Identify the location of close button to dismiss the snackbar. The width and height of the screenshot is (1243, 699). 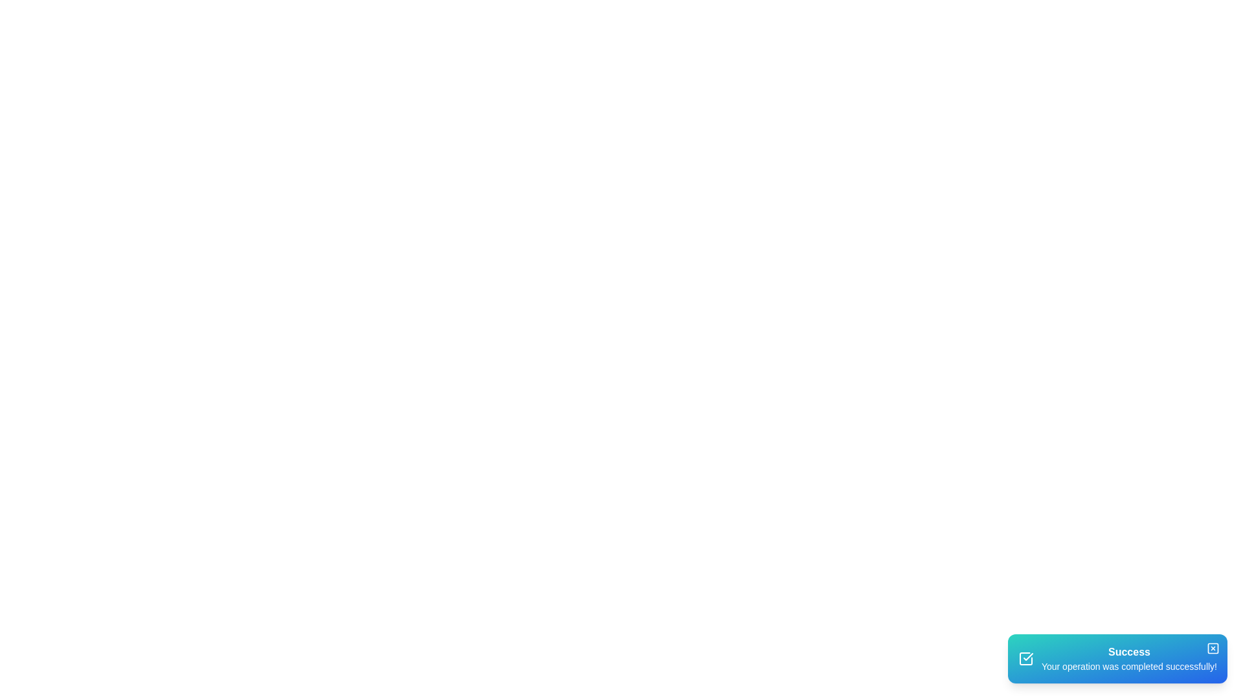
(1212, 649).